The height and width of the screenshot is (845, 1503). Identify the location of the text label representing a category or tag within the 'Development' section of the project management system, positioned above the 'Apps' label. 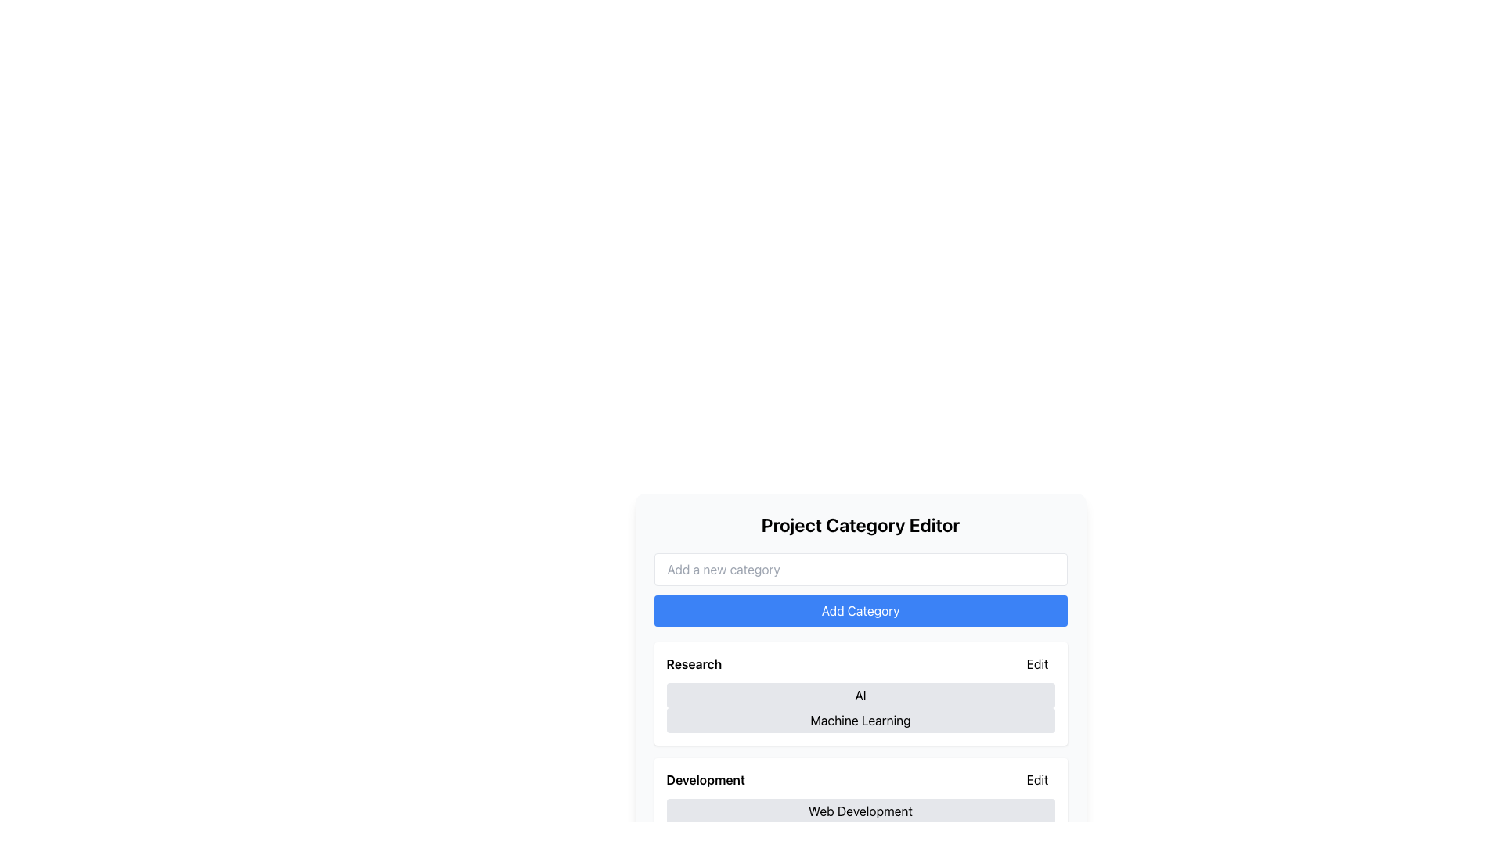
(860, 811).